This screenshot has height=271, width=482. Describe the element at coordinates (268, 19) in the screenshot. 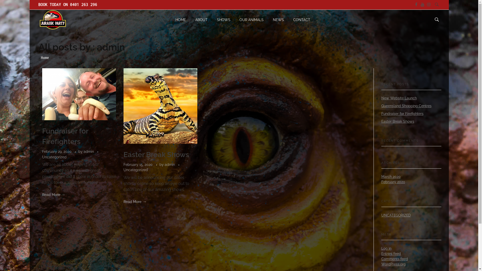

I see `'NEWS'` at that location.